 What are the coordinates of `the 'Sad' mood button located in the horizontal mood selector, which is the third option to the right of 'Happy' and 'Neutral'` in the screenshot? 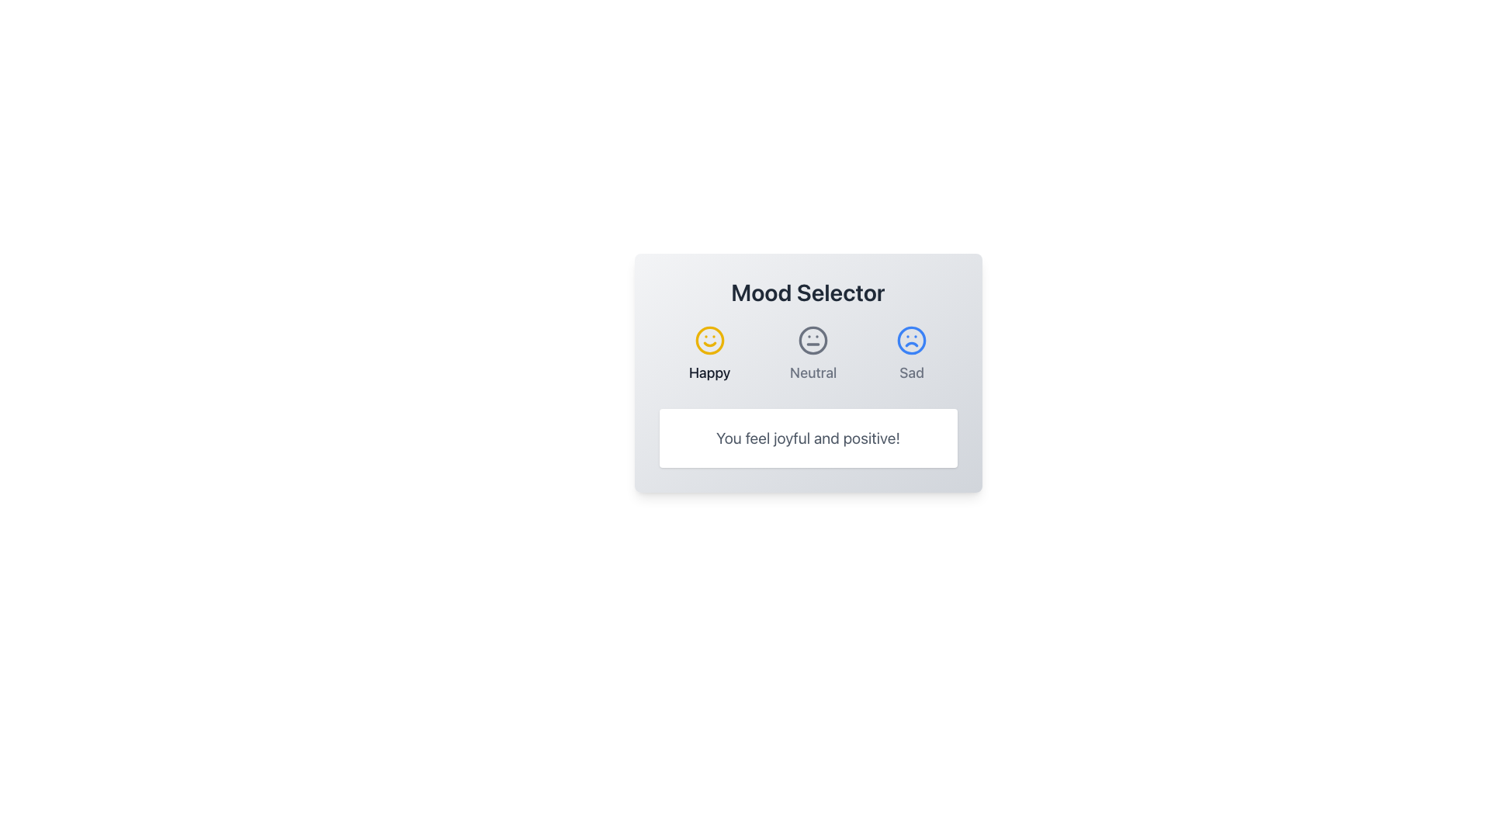 It's located at (912, 354).